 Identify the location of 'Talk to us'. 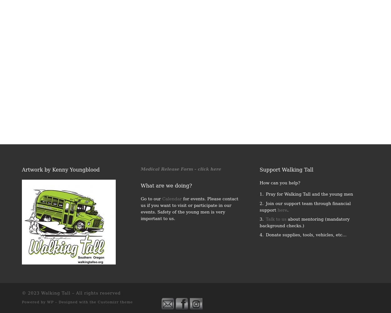
(276, 219).